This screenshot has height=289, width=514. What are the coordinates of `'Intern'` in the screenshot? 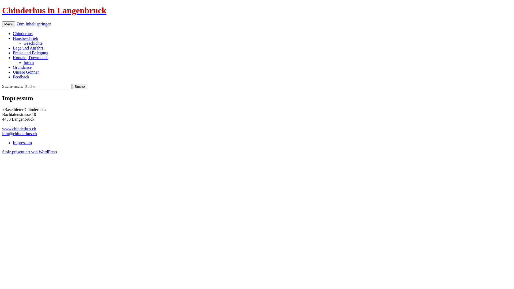 It's located at (28, 62).